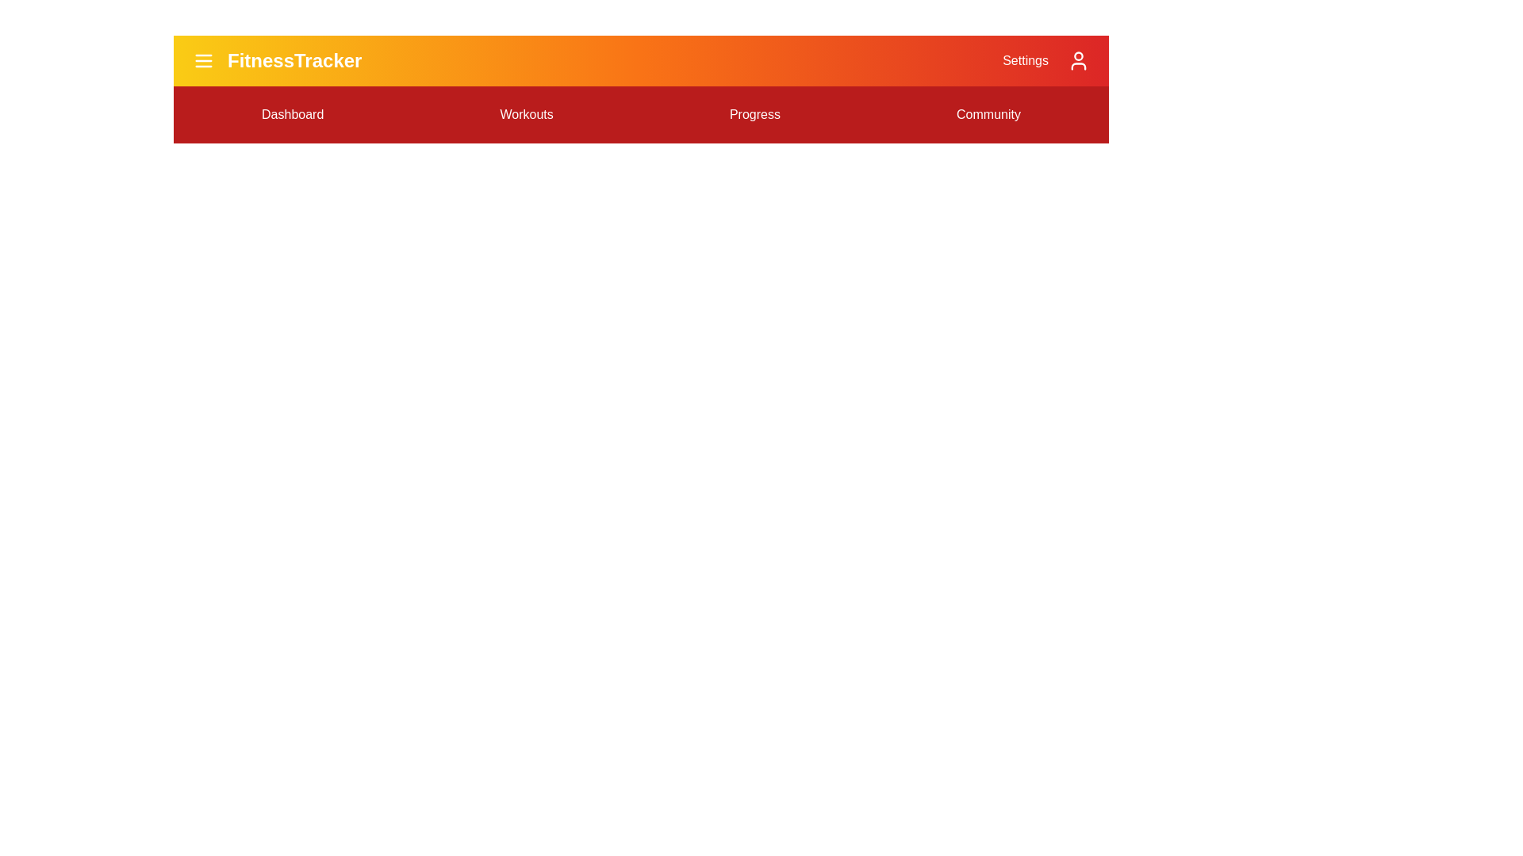  Describe the element at coordinates (1025, 60) in the screenshot. I see `the 'Settings' option in the FitnessAppBar` at that location.